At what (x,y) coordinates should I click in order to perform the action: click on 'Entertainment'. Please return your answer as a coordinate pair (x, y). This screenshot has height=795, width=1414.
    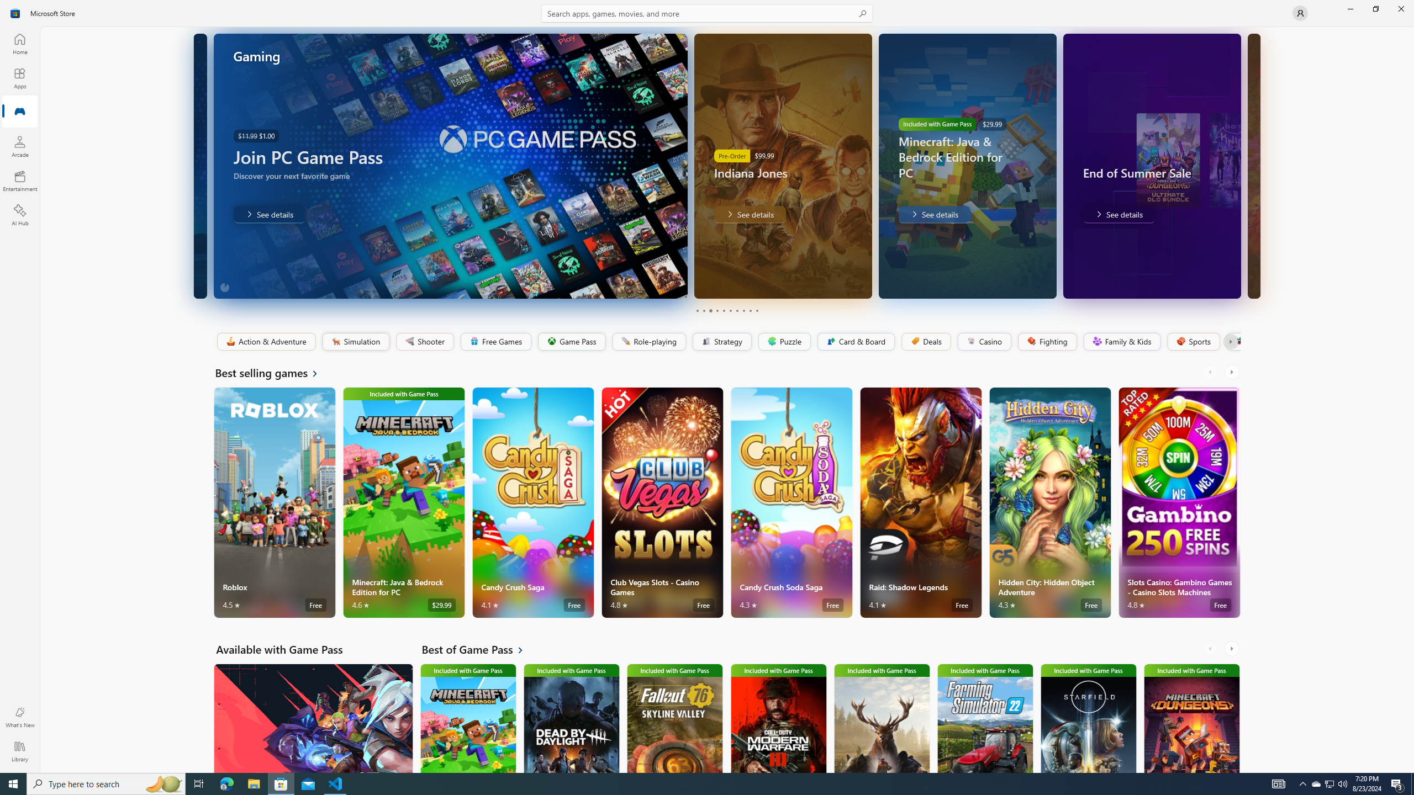
    Looking at the image, I should click on (19, 180).